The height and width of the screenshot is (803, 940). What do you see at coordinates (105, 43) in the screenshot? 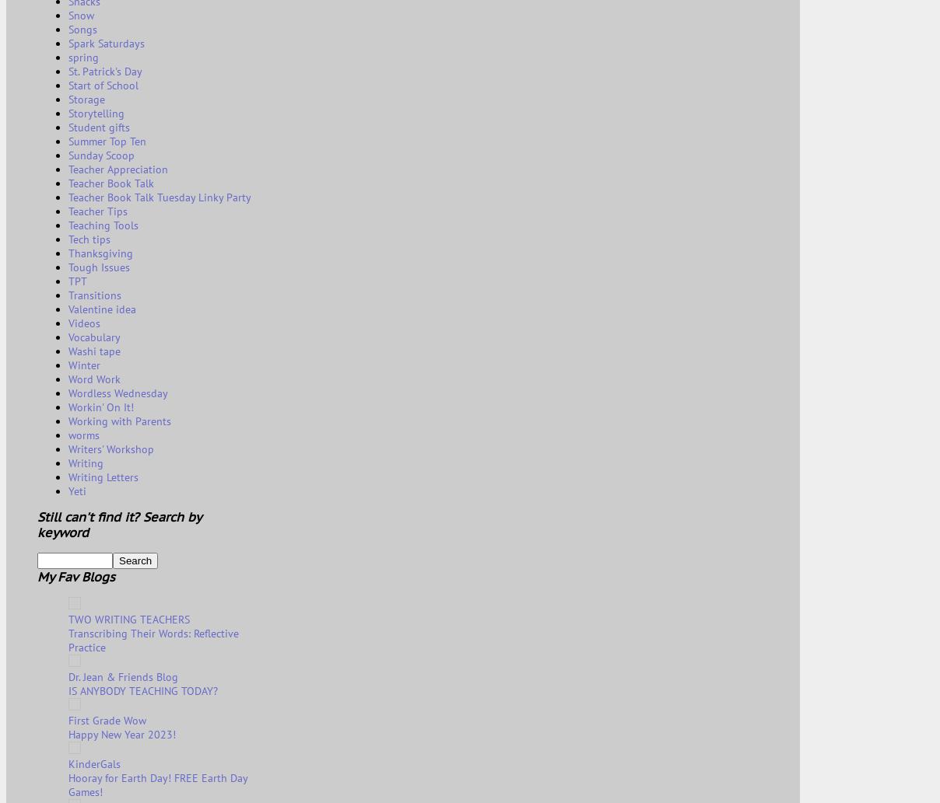
I see `'Spark Saturdays'` at bounding box center [105, 43].